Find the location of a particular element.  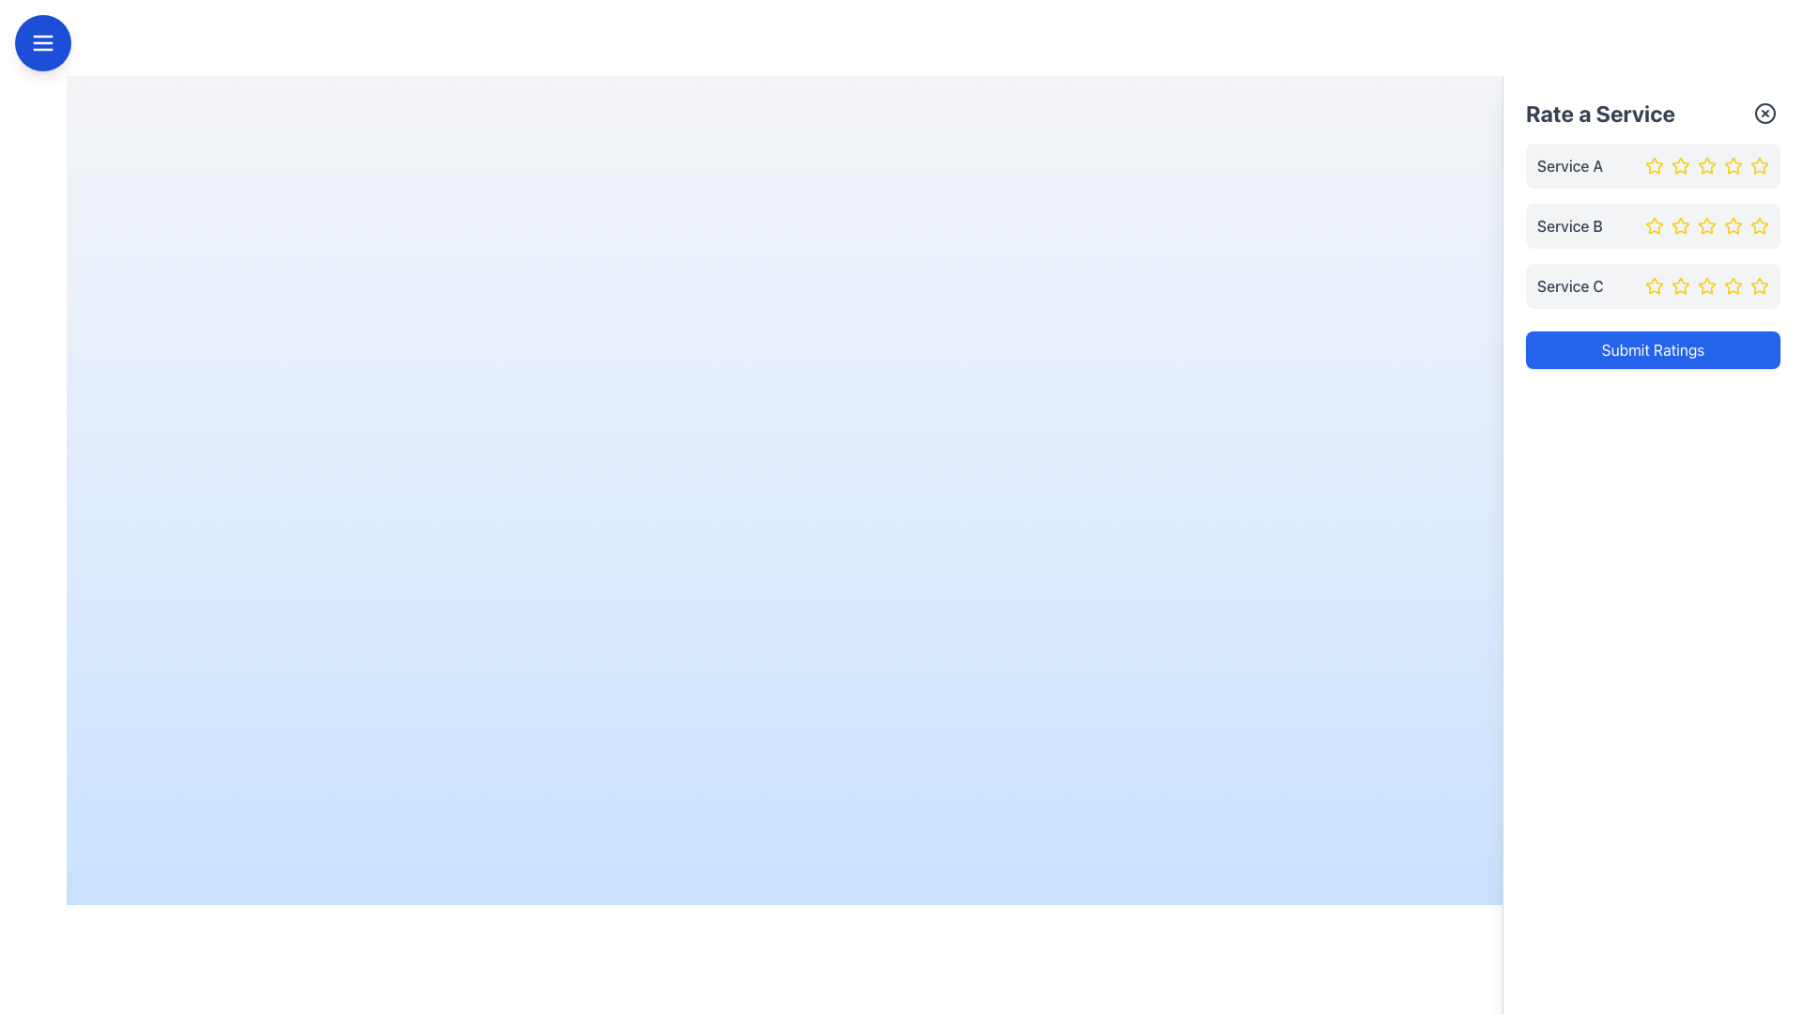

the second yellow star icon is located at coordinates (1680, 285).